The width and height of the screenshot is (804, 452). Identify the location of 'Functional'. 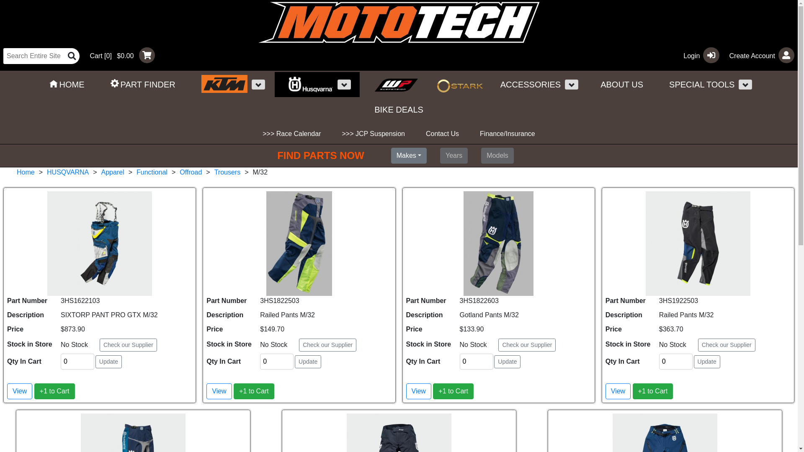
(152, 172).